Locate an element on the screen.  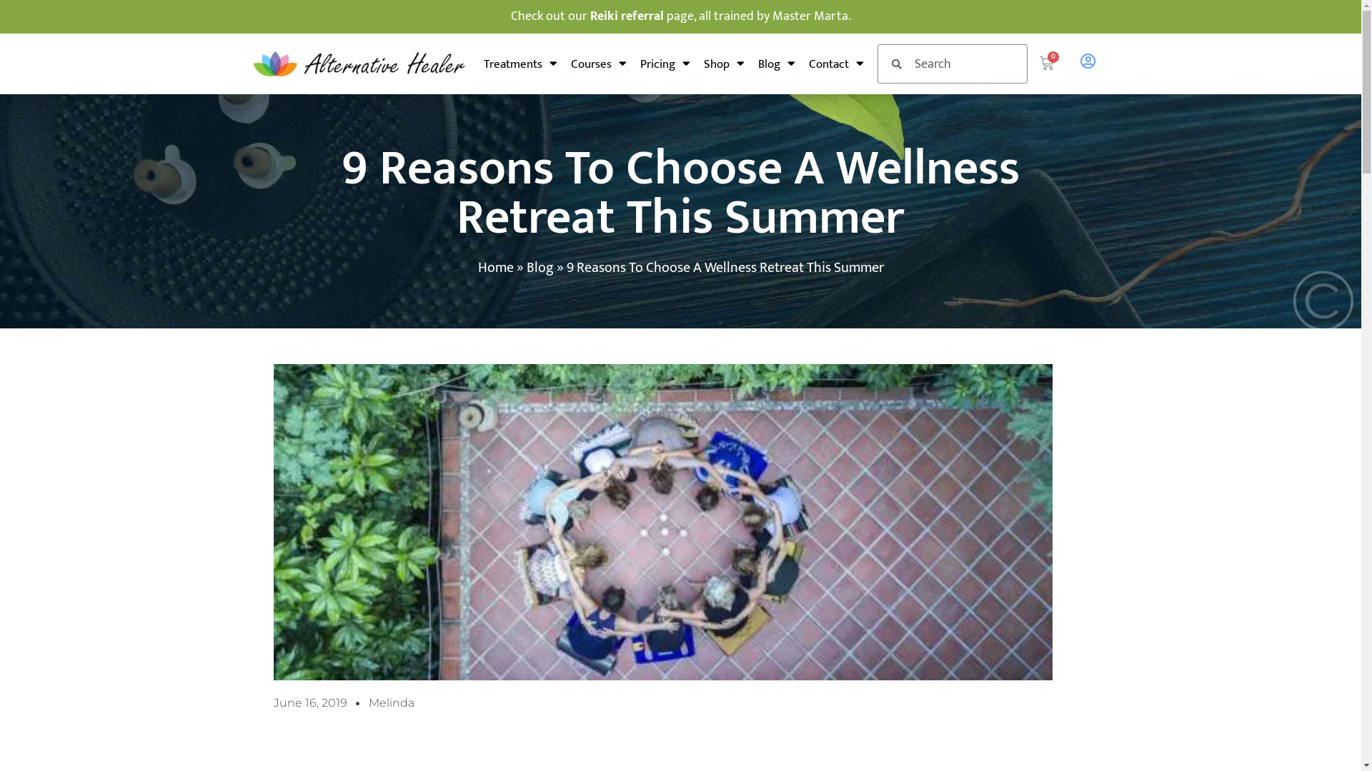
'Search' is located at coordinates (964, 63).